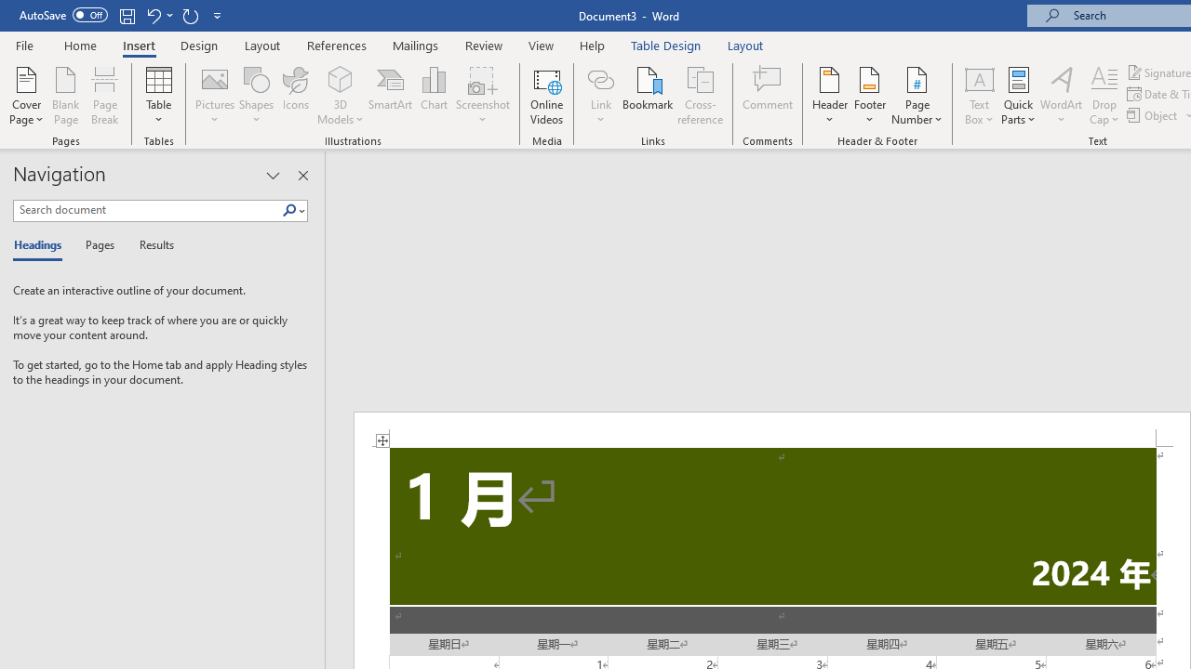 The width and height of the screenshot is (1191, 669). I want to click on 'Drop Cap', so click(1104, 96).